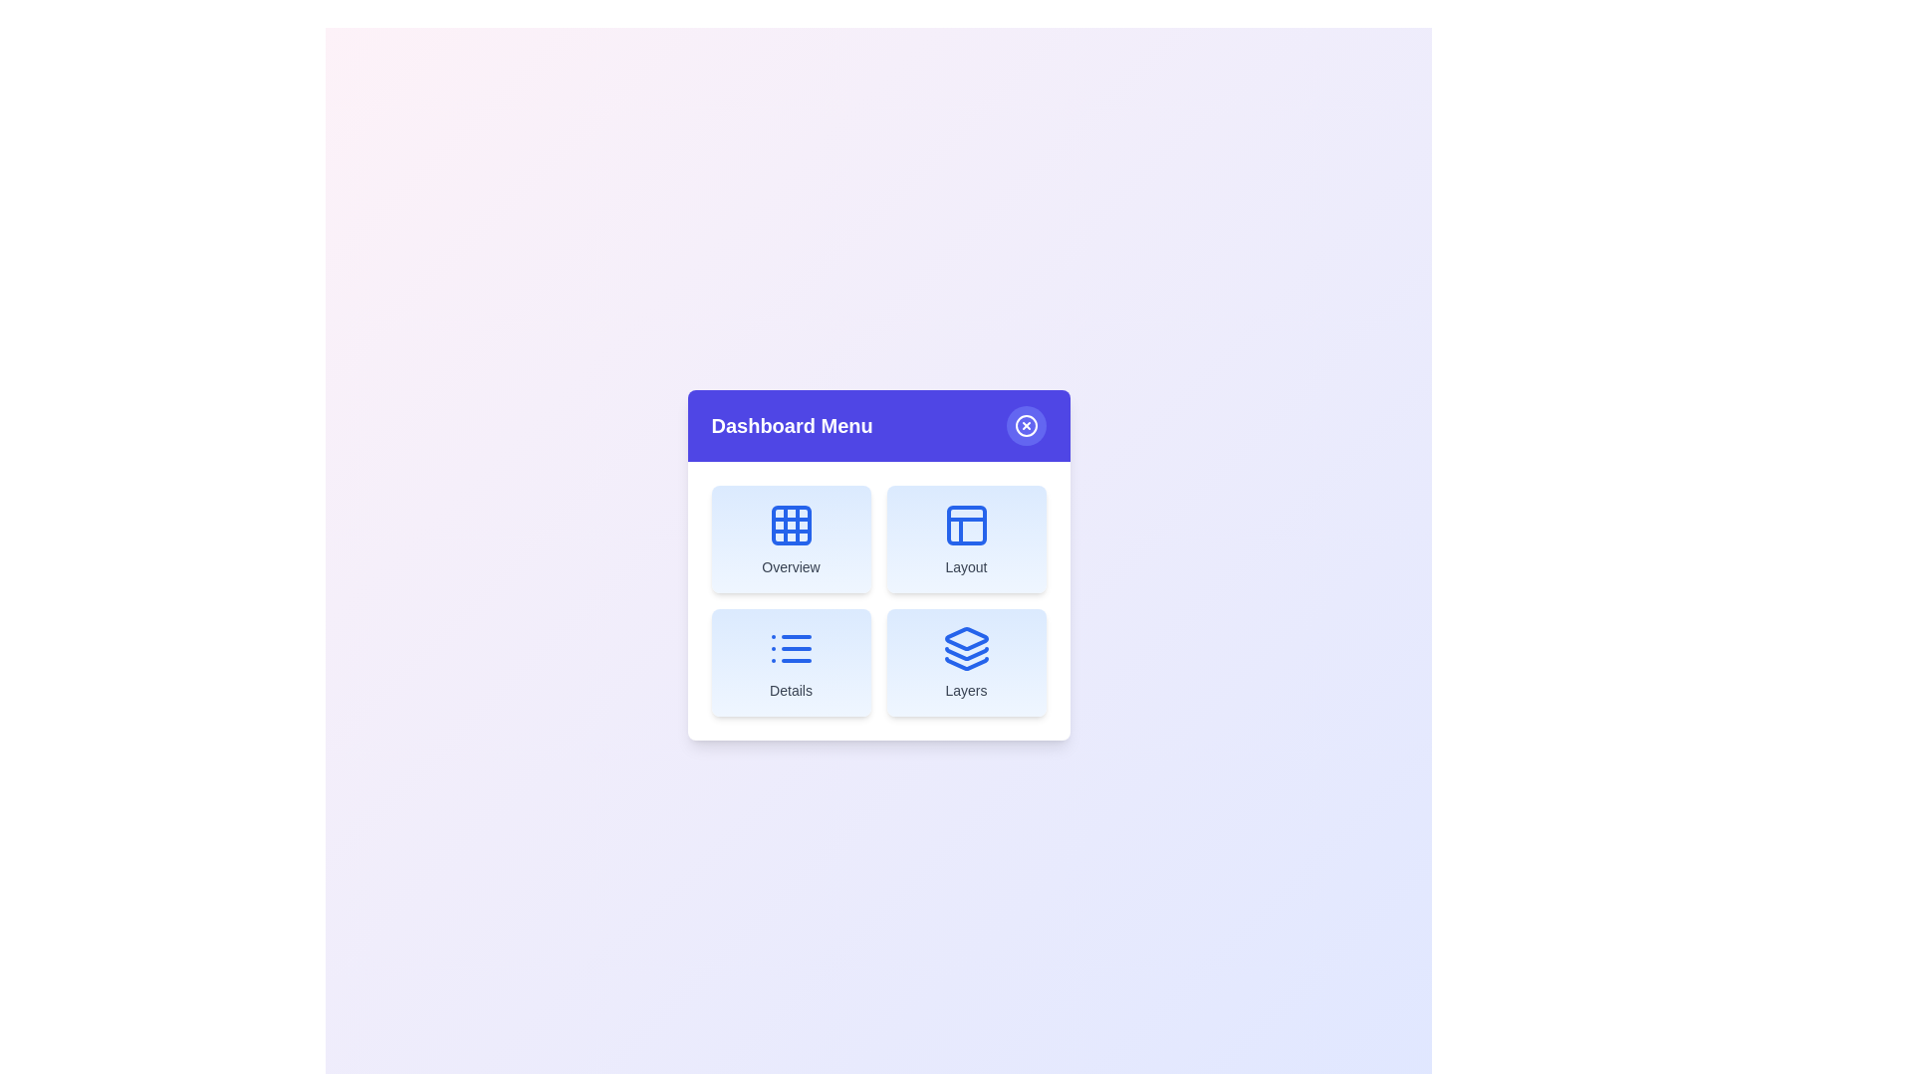 The width and height of the screenshot is (1912, 1075). What do you see at coordinates (1026, 425) in the screenshot?
I see `the toggle button to toggle the menu visibility` at bounding box center [1026, 425].